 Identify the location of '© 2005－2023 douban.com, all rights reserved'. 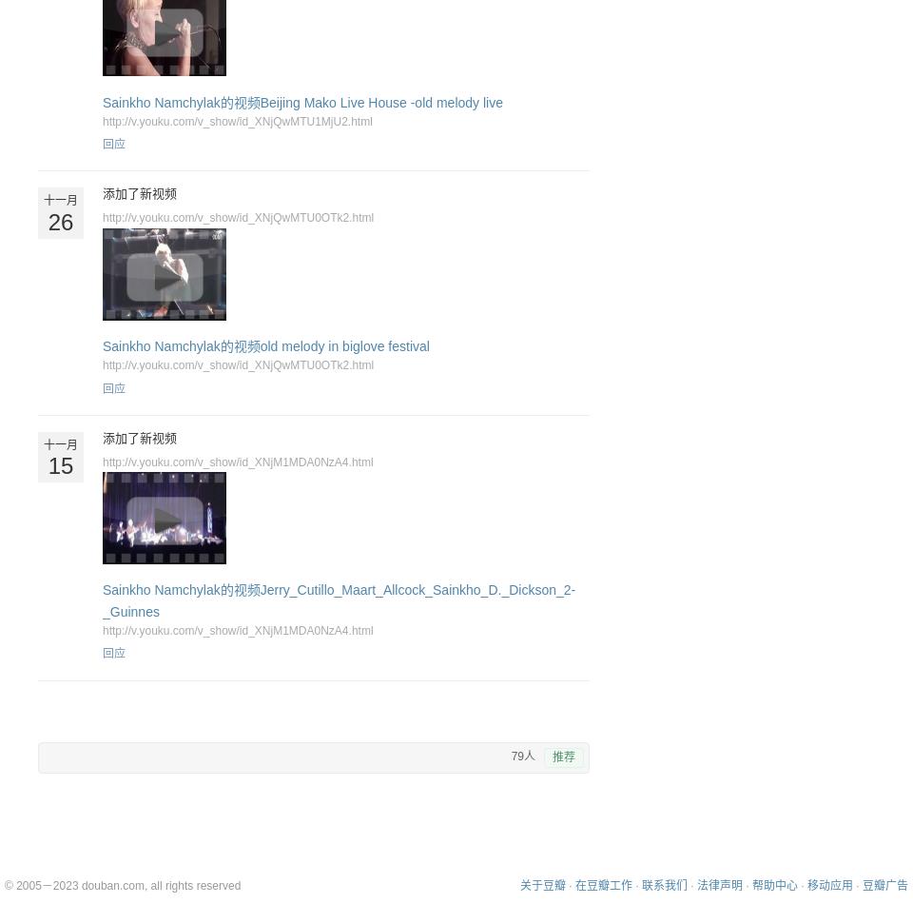
(122, 885).